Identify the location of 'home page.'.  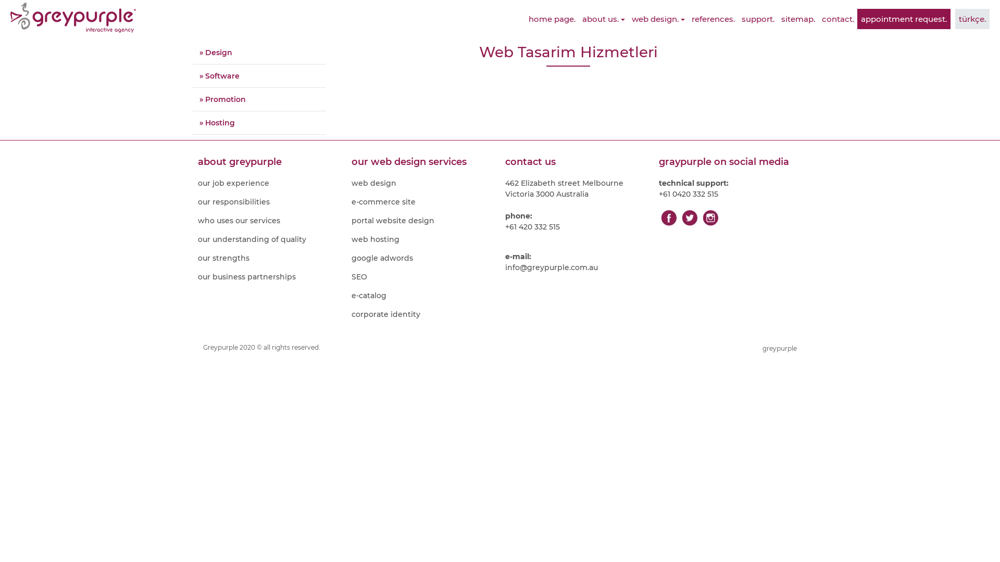
(552, 19).